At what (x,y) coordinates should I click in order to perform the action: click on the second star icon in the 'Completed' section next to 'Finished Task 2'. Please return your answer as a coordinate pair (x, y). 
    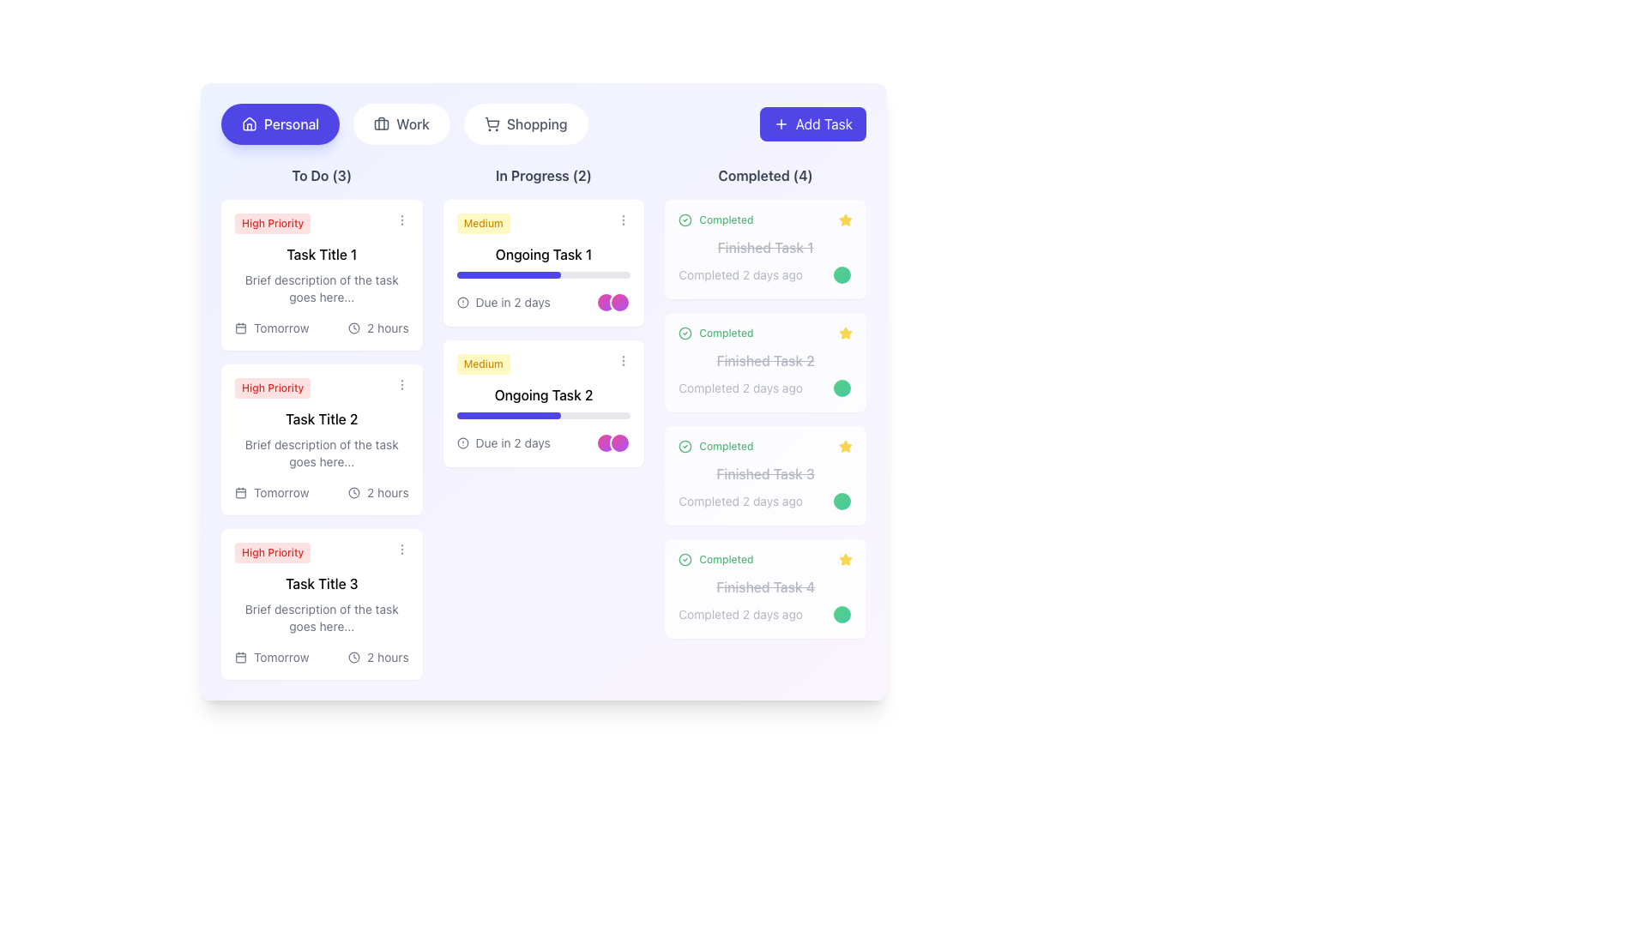
    Looking at the image, I should click on (845, 333).